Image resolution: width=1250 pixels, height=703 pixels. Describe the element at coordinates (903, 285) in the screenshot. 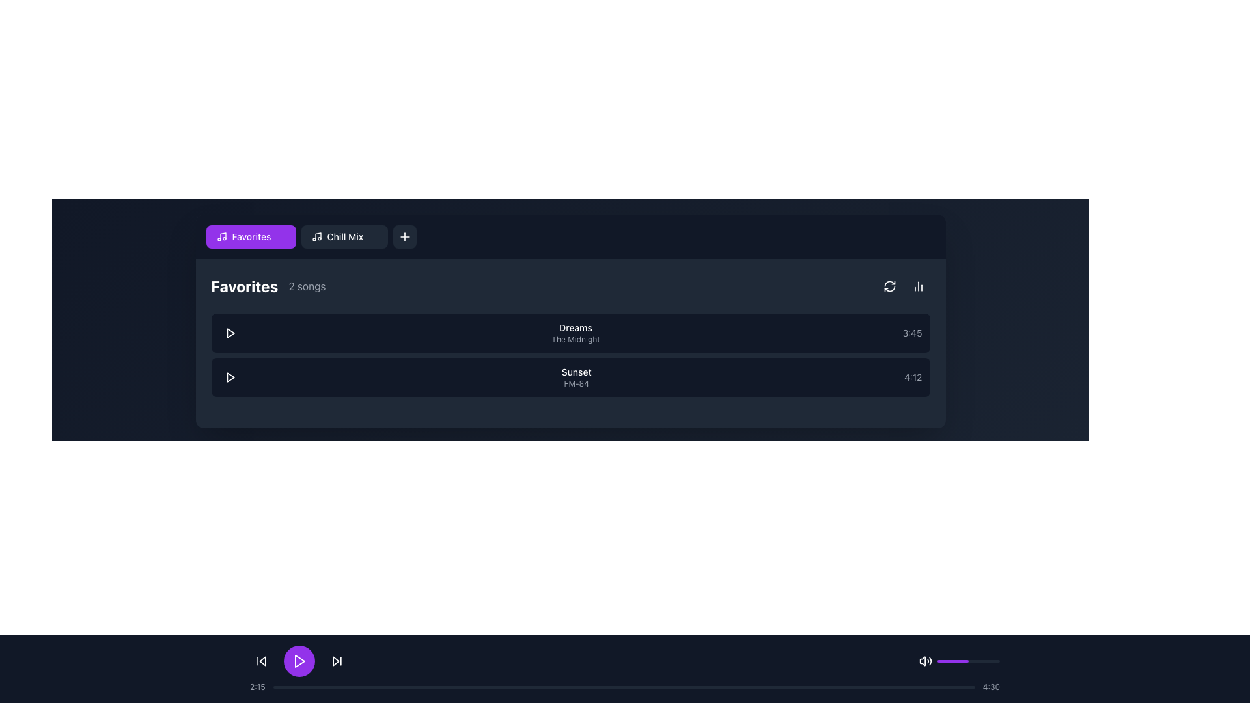

I see `the individual components of the Interactive control group located in the top-right corner of the 'Favorites' section to refresh or view statistics related to the music collection` at that location.